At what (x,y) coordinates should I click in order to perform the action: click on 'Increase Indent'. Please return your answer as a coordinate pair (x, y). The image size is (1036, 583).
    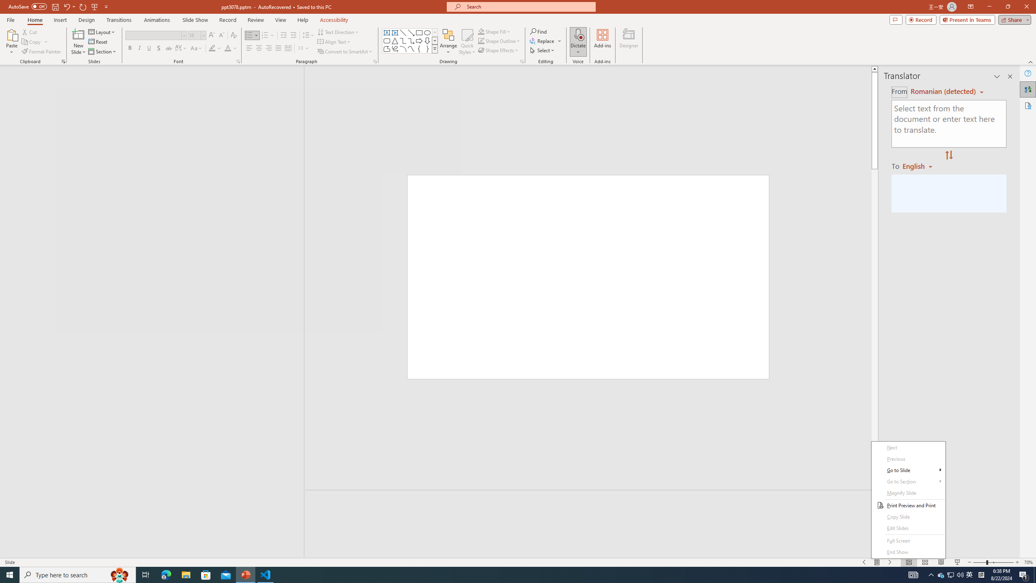
    Looking at the image, I should click on (293, 35).